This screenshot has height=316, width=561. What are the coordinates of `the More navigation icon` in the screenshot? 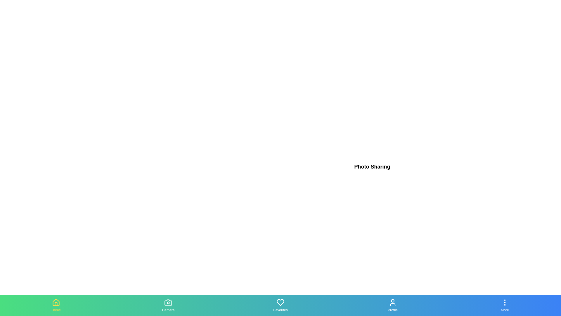 It's located at (505, 305).